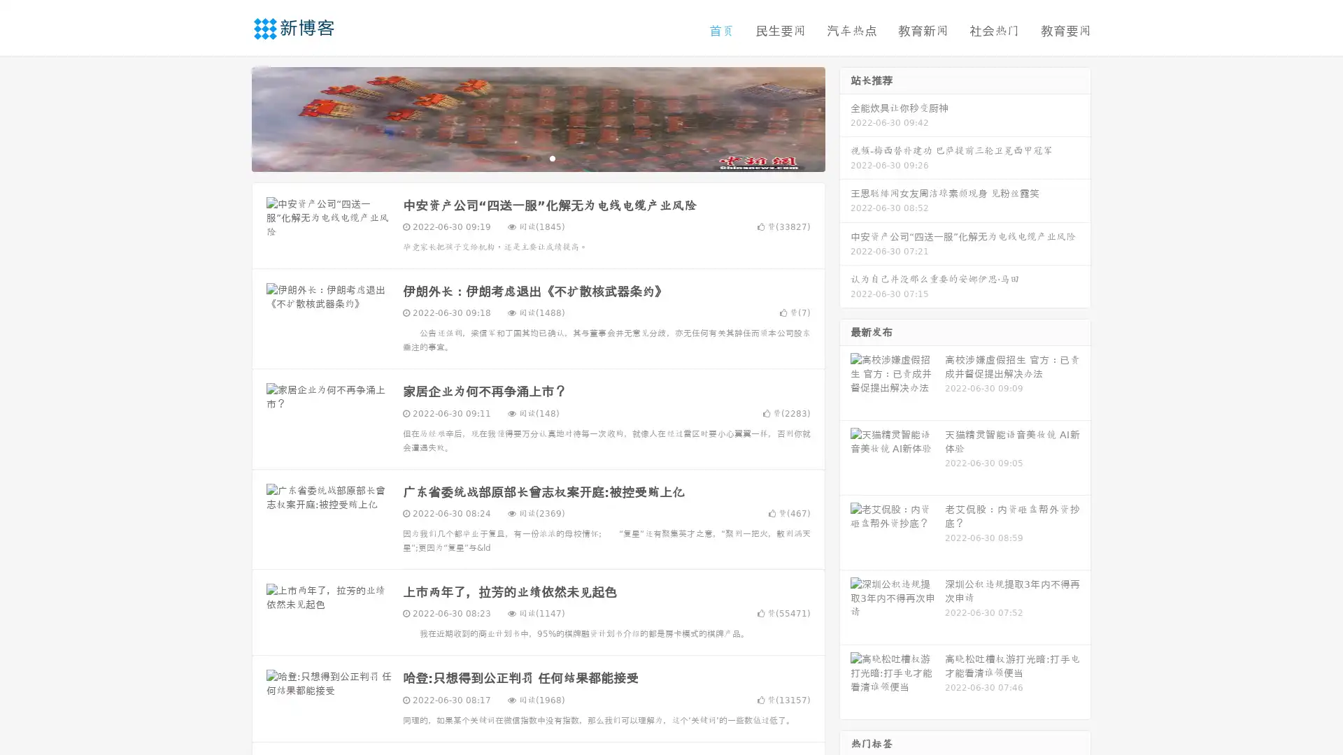 This screenshot has width=1343, height=755. I want to click on Go to slide 2, so click(537, 157).